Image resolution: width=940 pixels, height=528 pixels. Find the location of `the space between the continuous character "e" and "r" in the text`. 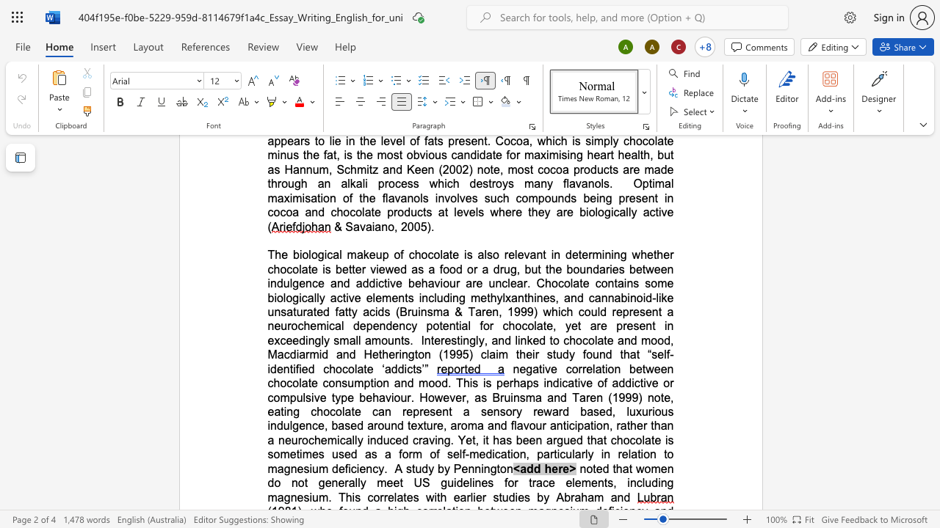

the space between the continuous character "e" and "r" in the text is located at coordinates (557, 469).